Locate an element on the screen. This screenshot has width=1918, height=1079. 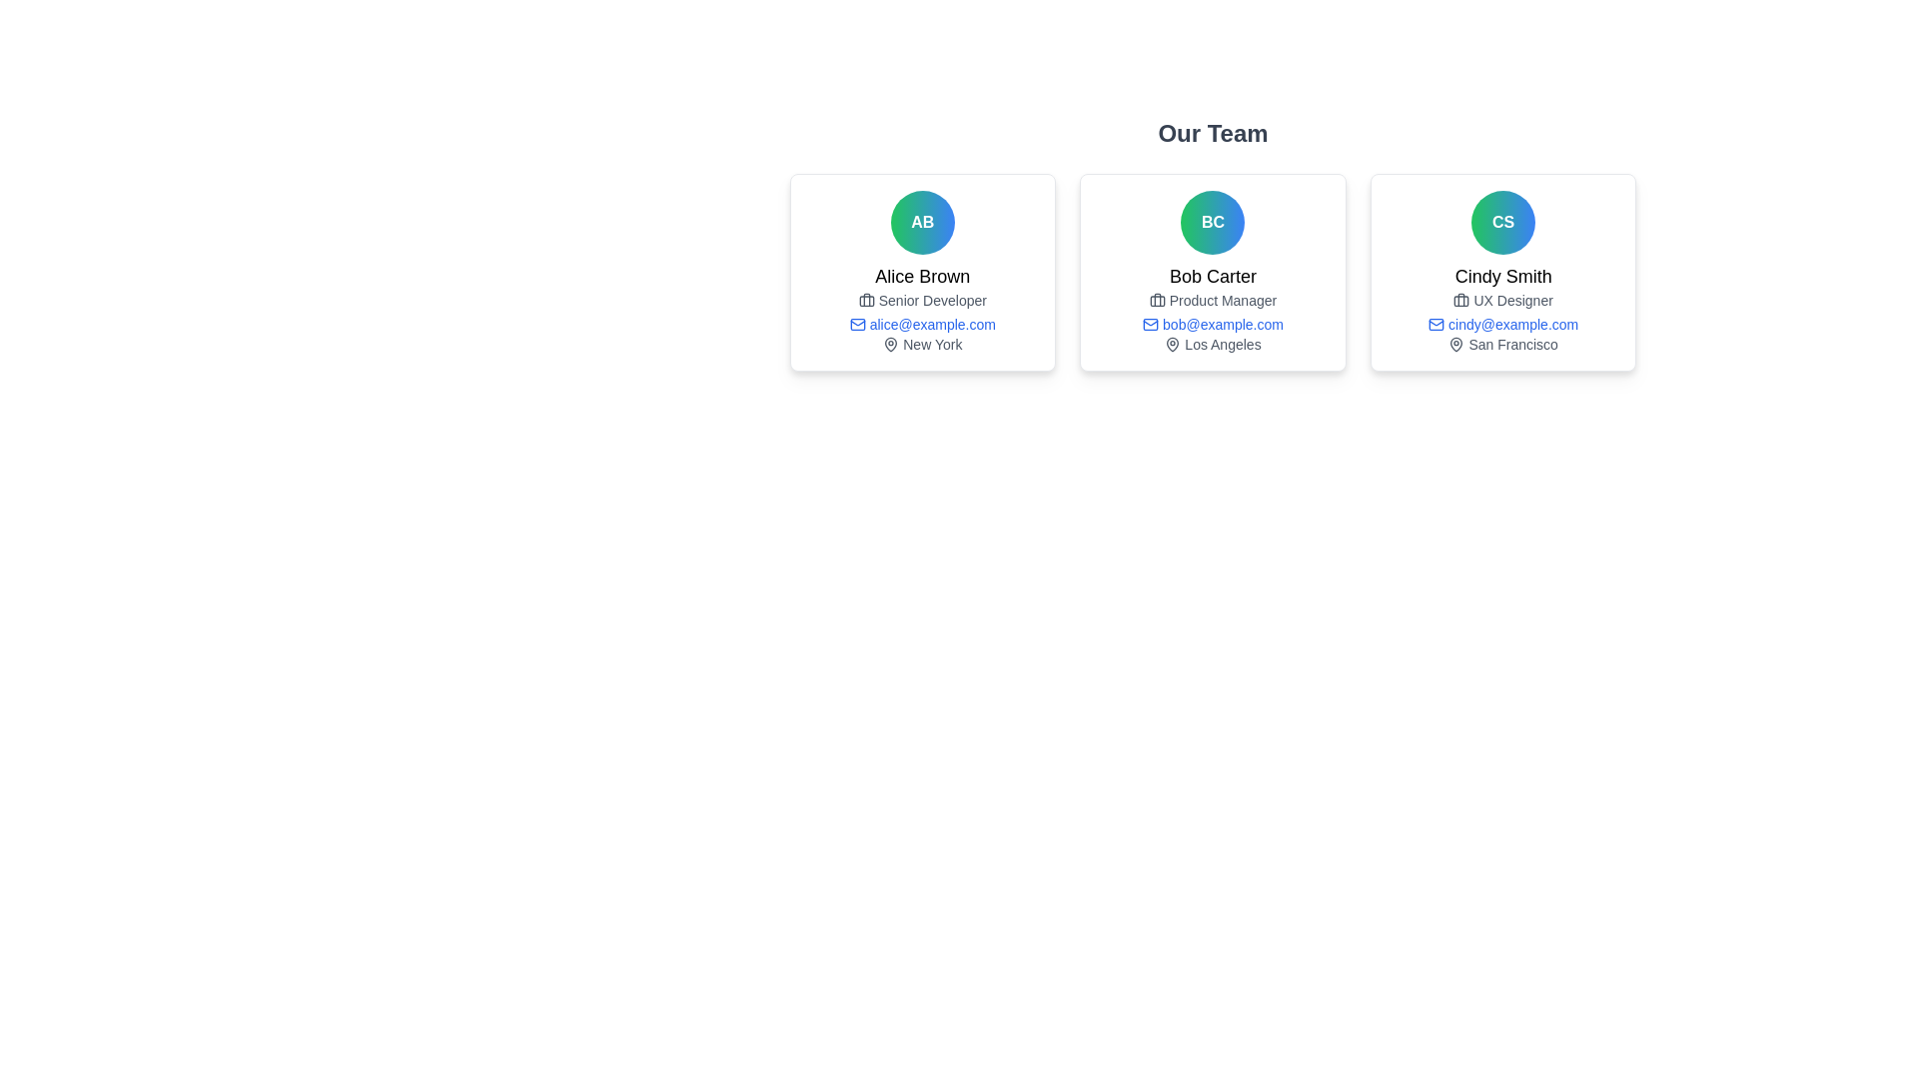
the pin icon located in the second card under the name 'Bob Carter', which signifies location or geotagging and is positioned above the text 'Los Angeles' is located at coordinates (1173, 343).